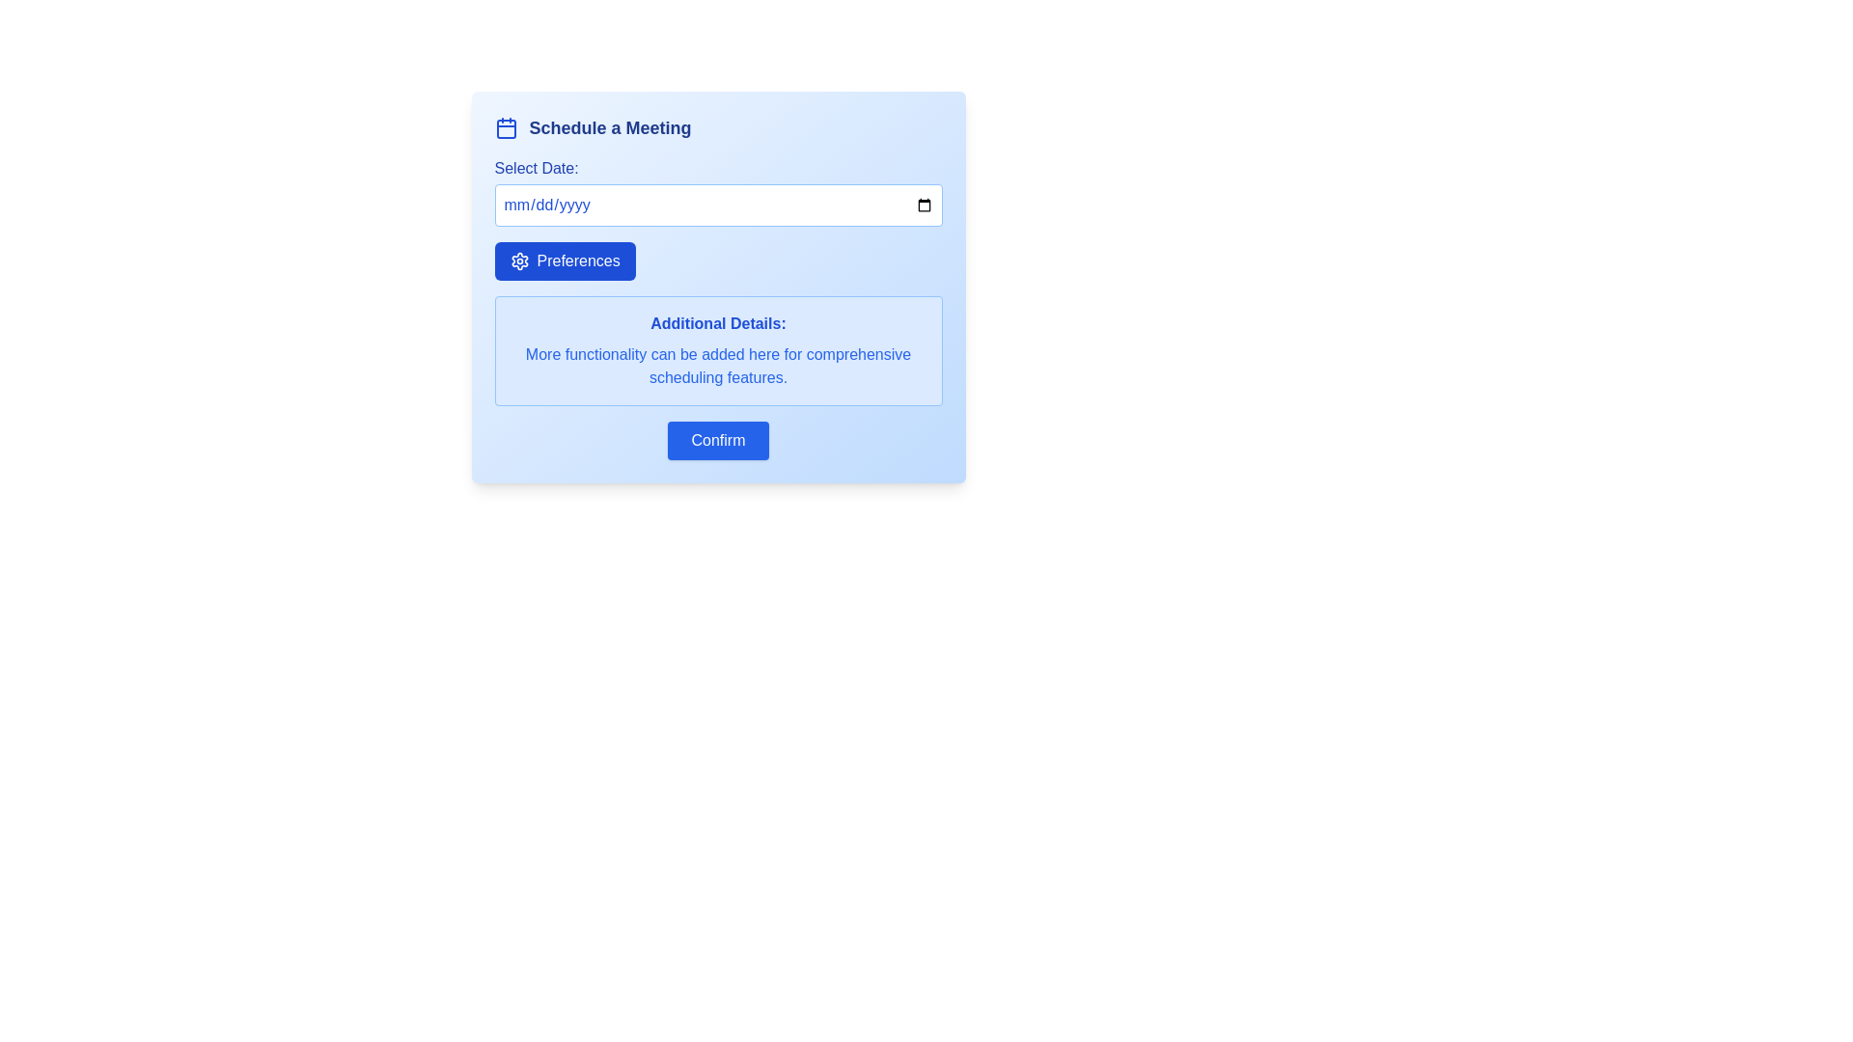 The image size is (1853, 1042). Describe the element at coordinates (717, 440) in the screenshot. I see `the blue rectangular 'Confirm' button with rounded corners` at that location.